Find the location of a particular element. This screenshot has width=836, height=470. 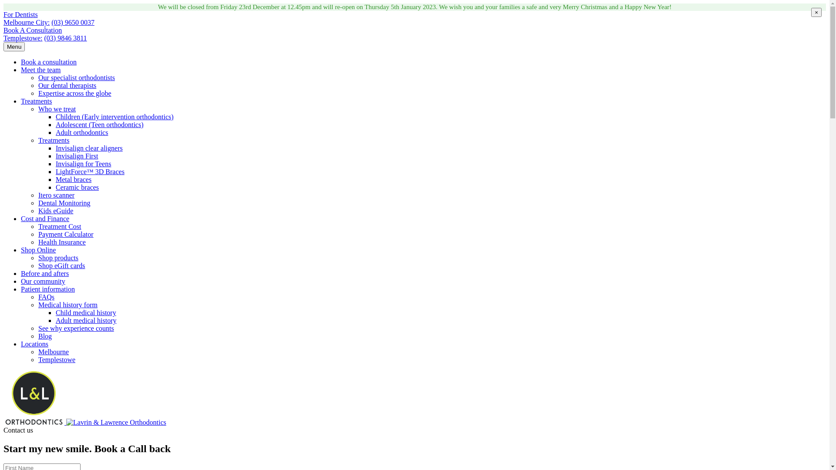

'Shop eGift cards' is located at coordinates (61, 265).